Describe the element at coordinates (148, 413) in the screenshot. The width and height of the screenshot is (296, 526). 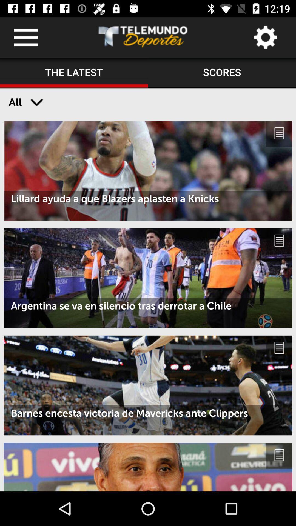
I see `the barnes encesta victoria` at that location.